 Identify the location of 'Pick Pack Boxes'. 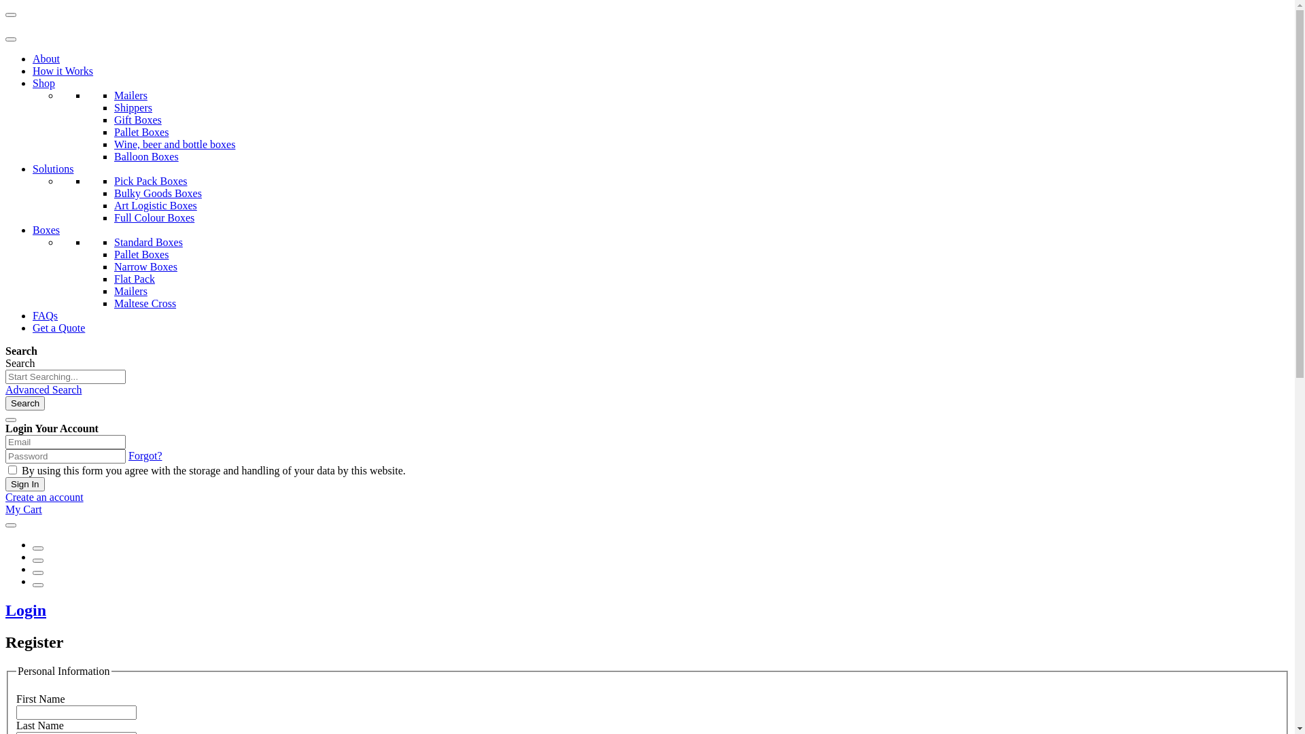
(150, 180).